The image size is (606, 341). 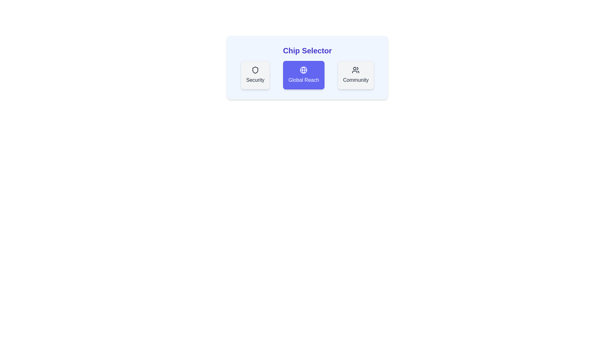 I want to click on the chip labeled Community, so click(x=356, y=75).